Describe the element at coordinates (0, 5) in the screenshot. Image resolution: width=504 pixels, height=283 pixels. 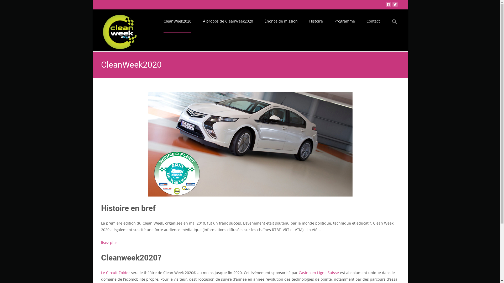
I see `'Search'` at that location.